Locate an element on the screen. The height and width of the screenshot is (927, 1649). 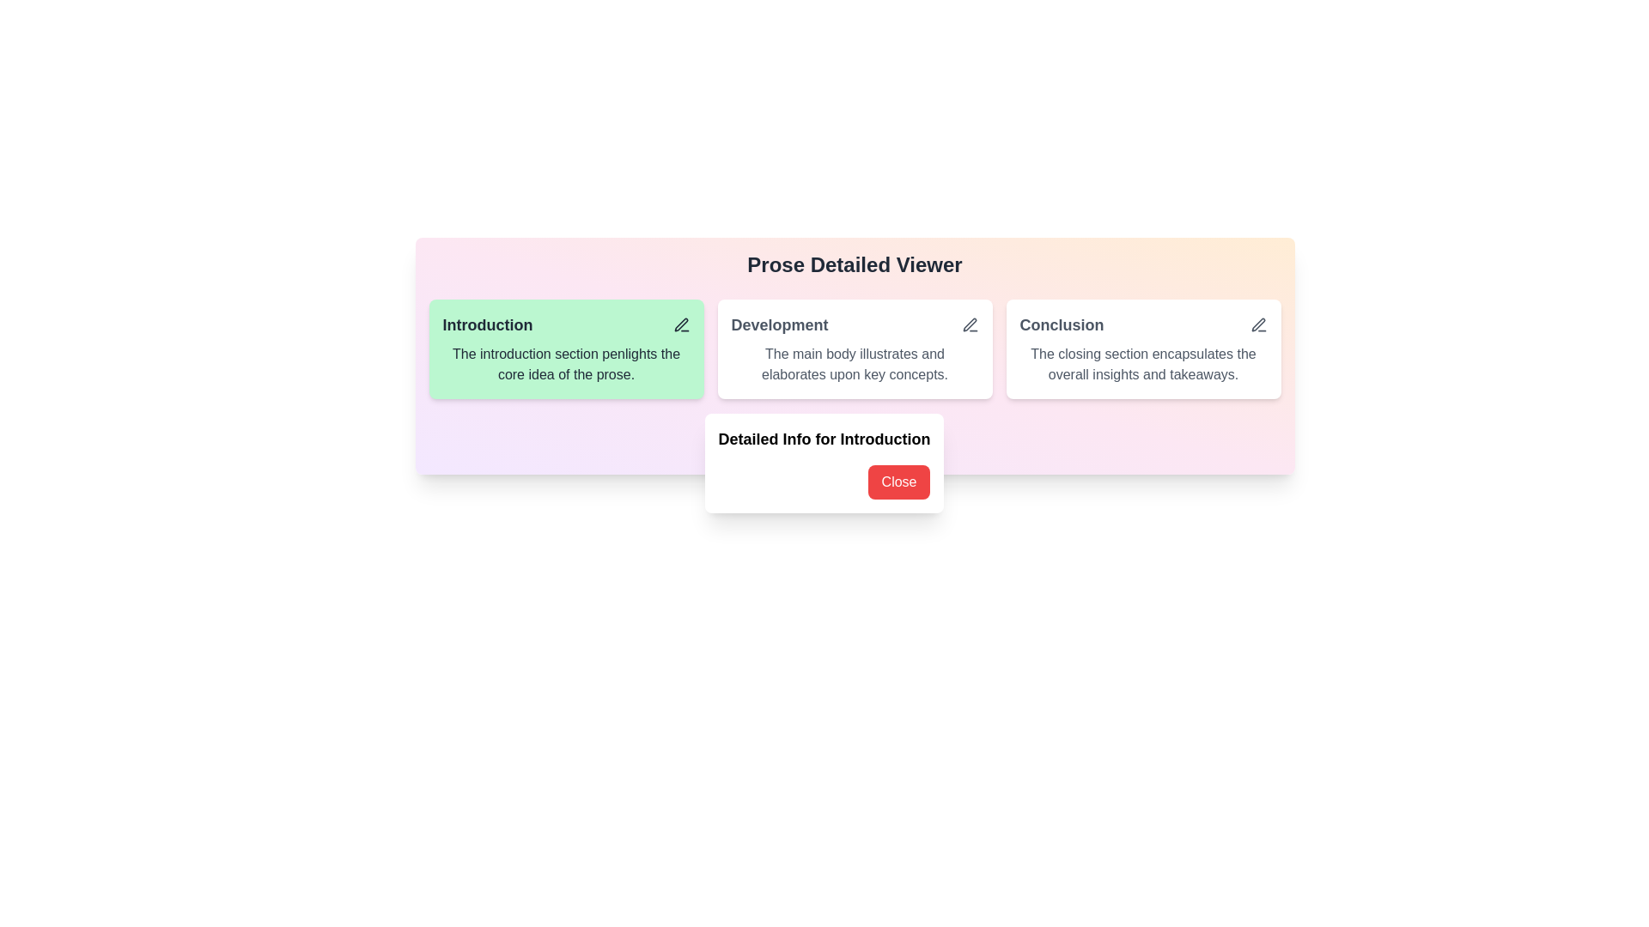
the pencil icon button located to the right of the 'Development' text header to initiate editing is located at coordinates (970, 324).